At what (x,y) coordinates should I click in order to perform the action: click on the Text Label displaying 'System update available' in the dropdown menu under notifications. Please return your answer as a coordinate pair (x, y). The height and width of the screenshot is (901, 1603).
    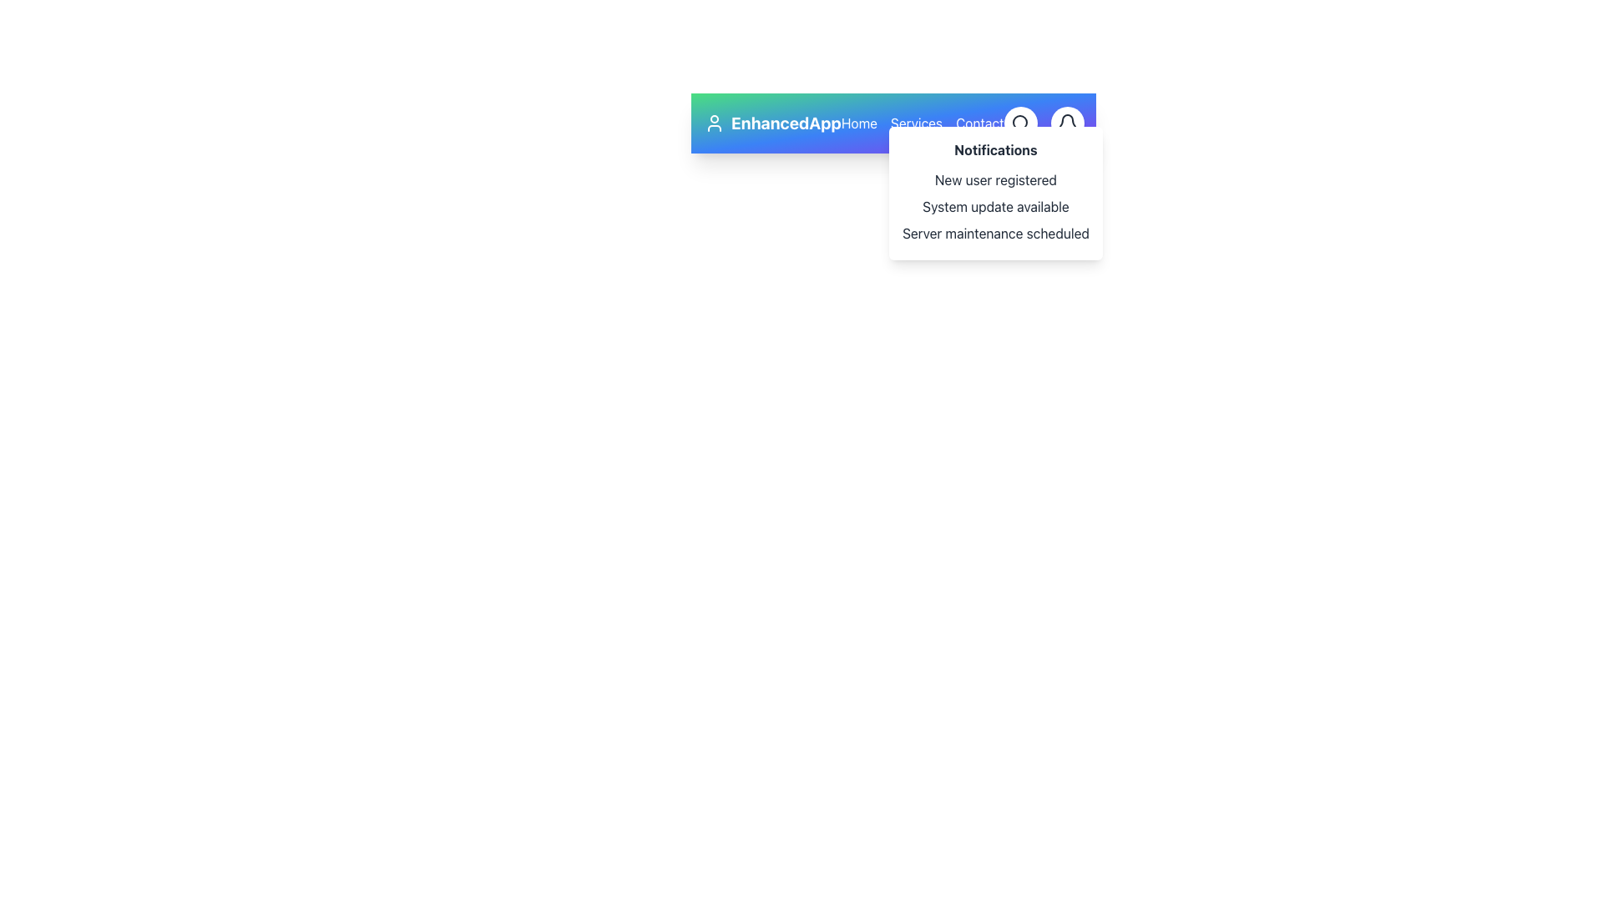
    Looking at the image, I should click on (996, 205).